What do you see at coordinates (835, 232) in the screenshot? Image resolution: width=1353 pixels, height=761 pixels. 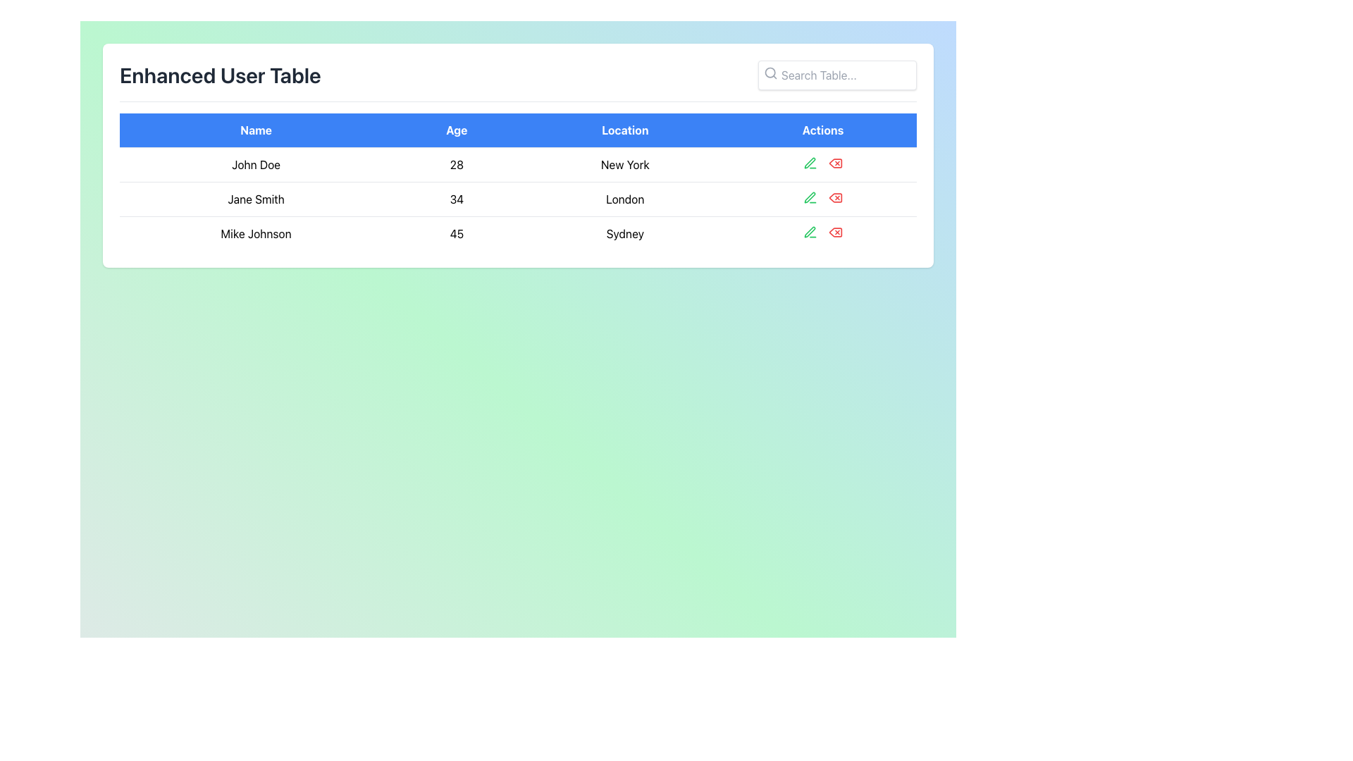 I see `the delete icon in the last row under the 'Actions' column to initiate a deletion` at bounding box center [835, 232].